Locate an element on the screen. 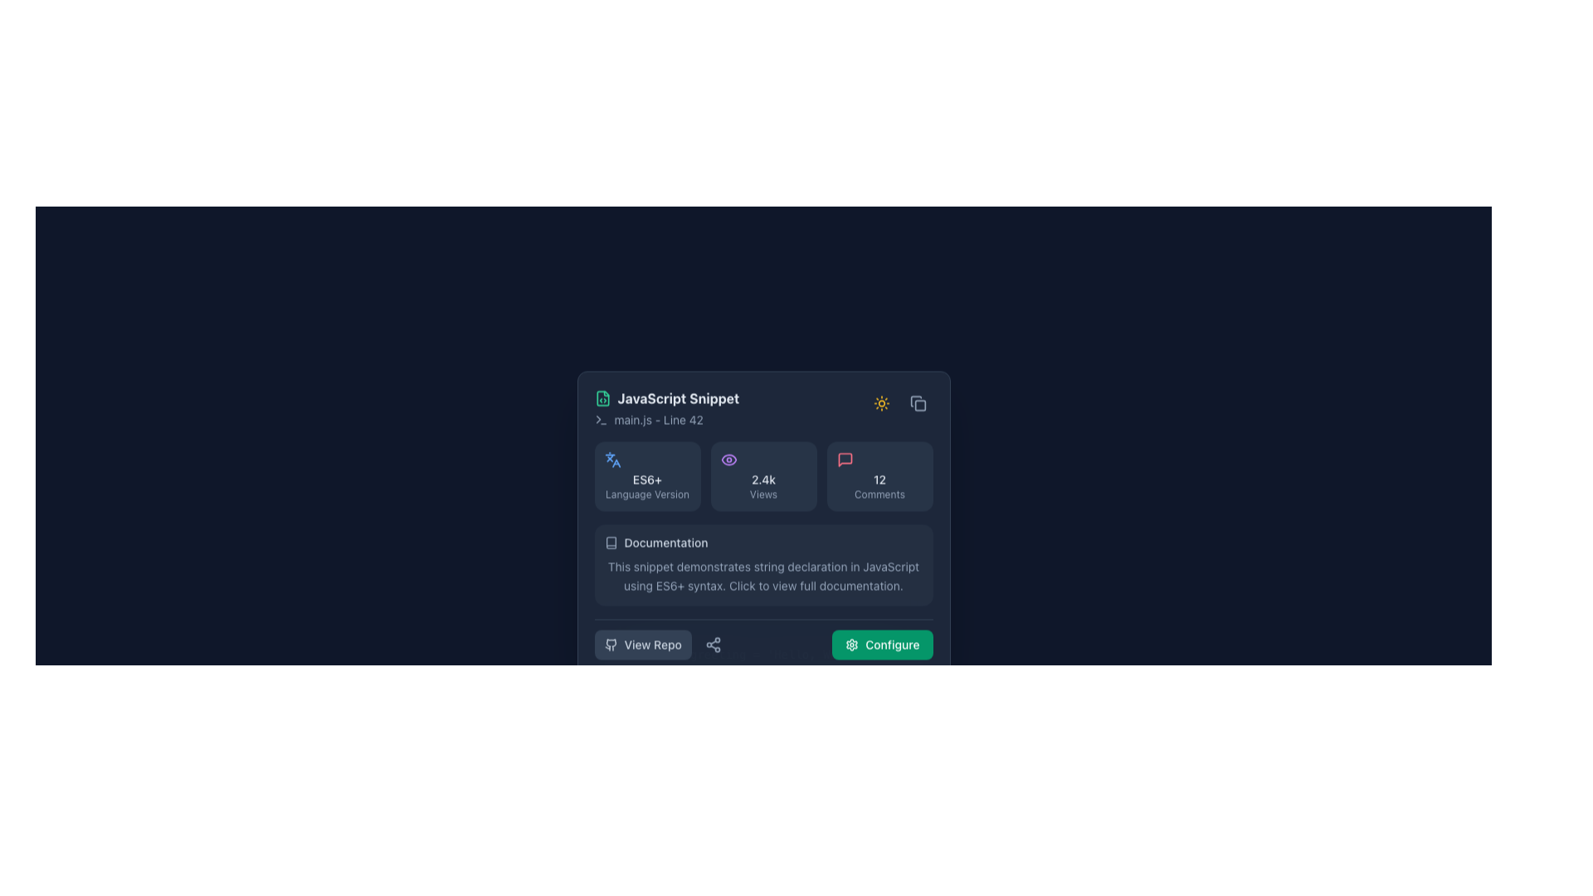 The image size is (1593, 896). the SVG Graphic Rectangle in the top-right corner of the copy icon if interactivity is enabled is located at coordinates (918, 406).